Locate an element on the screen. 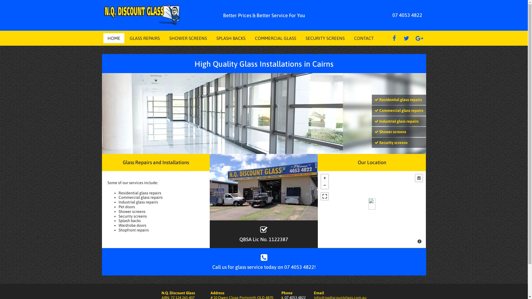  '+' is located at coordinates (324, 178).